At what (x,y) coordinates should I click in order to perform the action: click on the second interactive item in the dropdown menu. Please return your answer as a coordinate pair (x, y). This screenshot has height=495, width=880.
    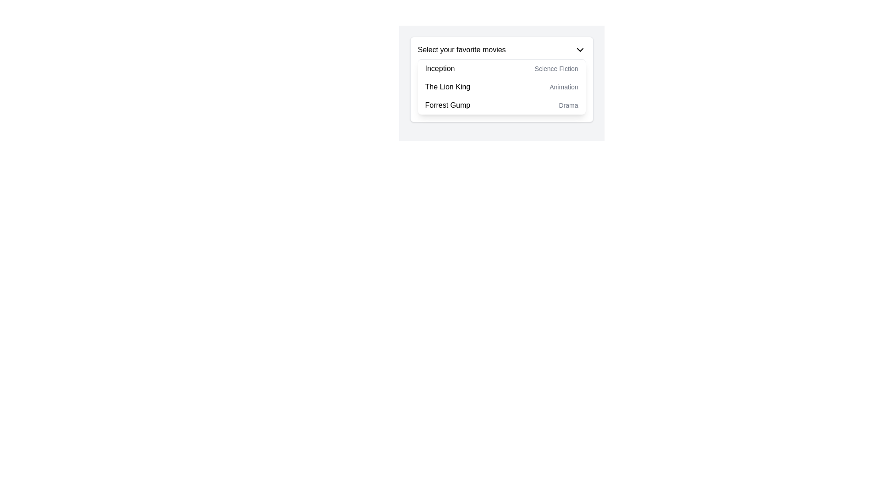
    Looking at the image, I should click on (501, 87).